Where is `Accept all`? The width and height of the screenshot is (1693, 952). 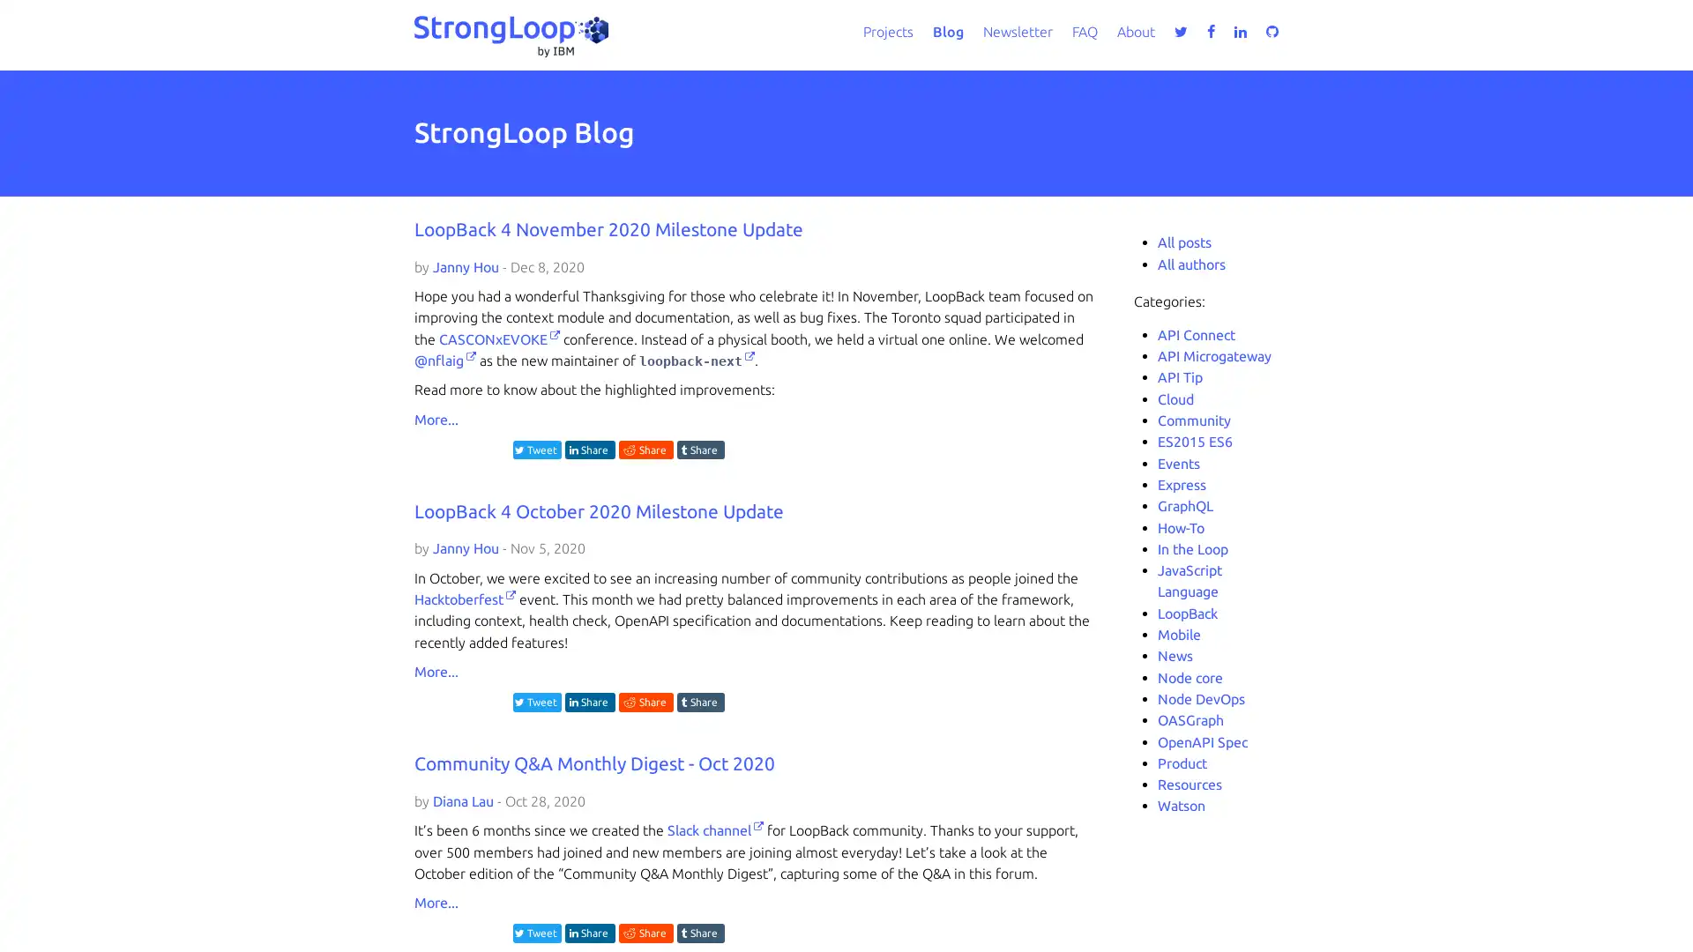
Accept all is located at coordinates (1550, 830).